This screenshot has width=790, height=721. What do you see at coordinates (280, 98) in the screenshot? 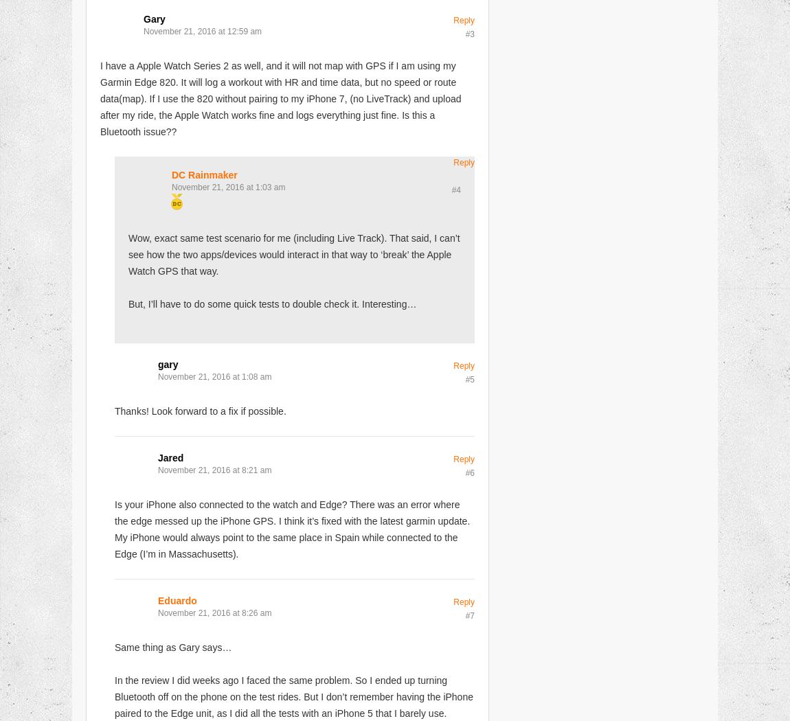
I see `'I have a Apple Watch Series 2 as well, and it will not map with GPS if I am using my Garmin Edge 820. It will log a workout with HR and time data, but no speed or route data(map). If I use the 820 without pairing to my iPhone 7, (no LiveTrack) and upload after my ride, the Apple Watch works fine and logs everything just fine. Is this a Bluetooth issue??'` at bounding box center [280, 98].